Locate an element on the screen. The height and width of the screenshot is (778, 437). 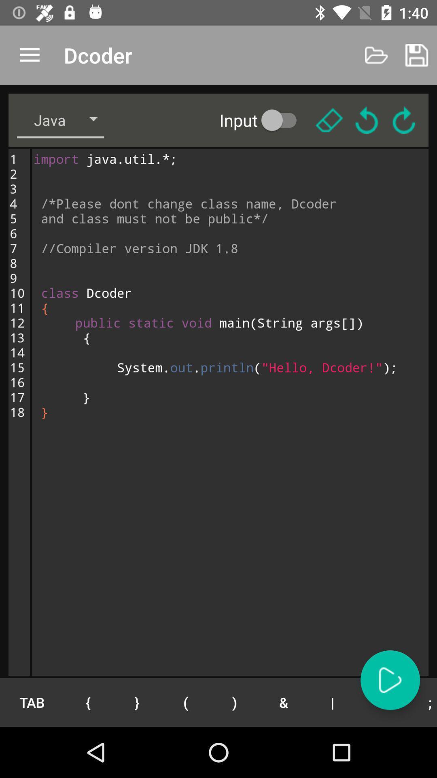
the button to the right of { item is located at coordinates (136, 702).